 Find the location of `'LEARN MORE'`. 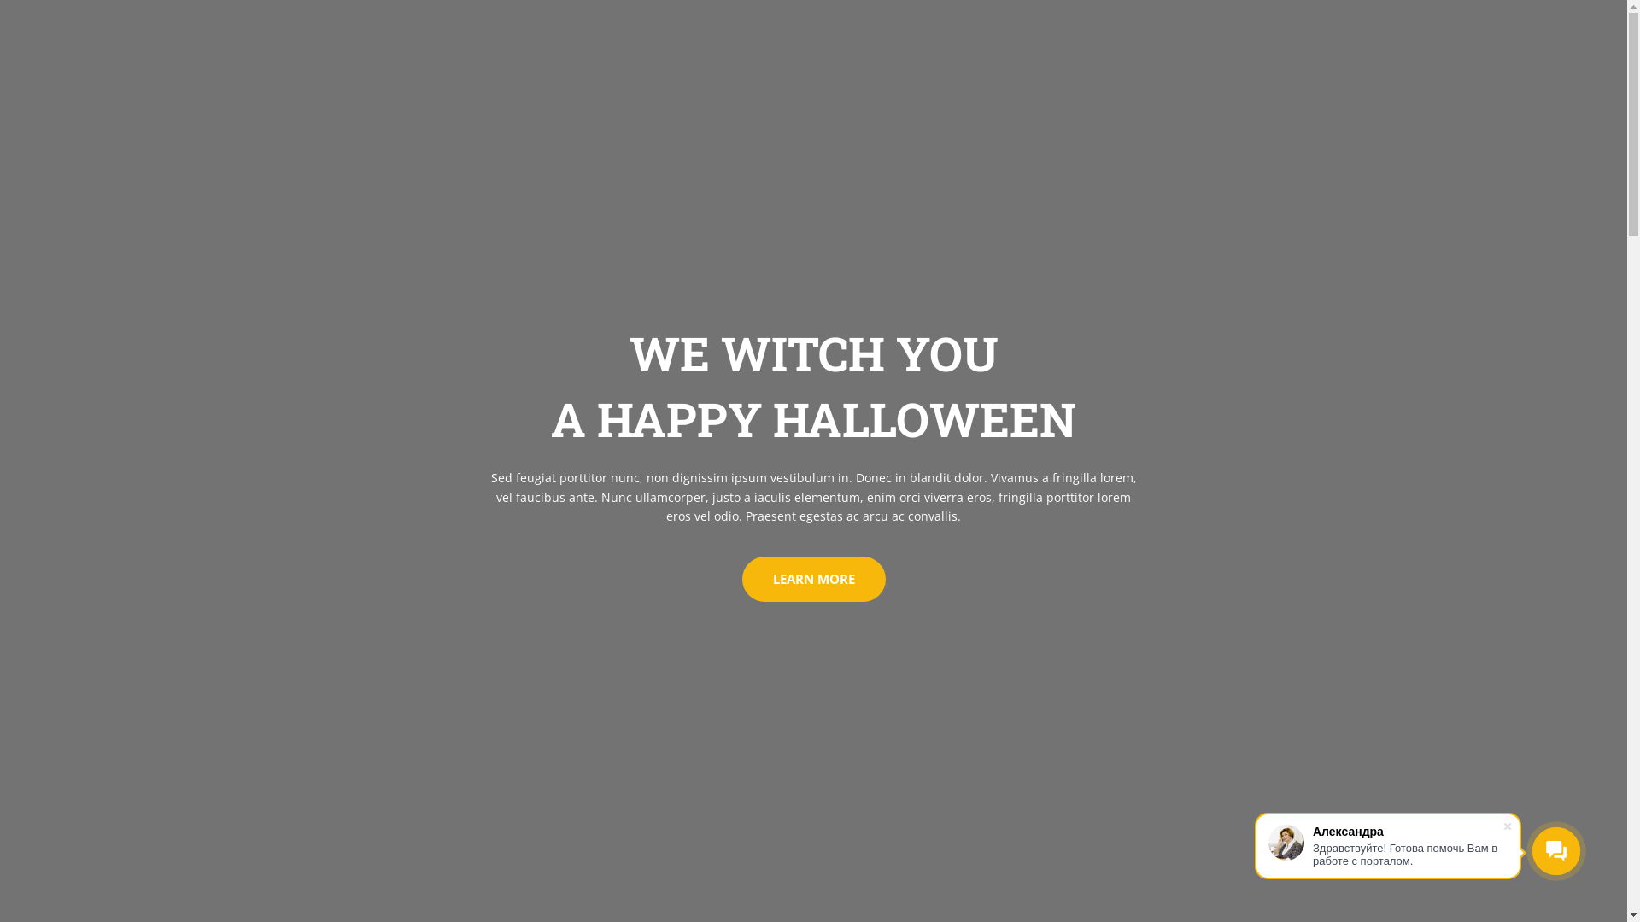

'LEARN MORE' is located at coordinates (811, 578).